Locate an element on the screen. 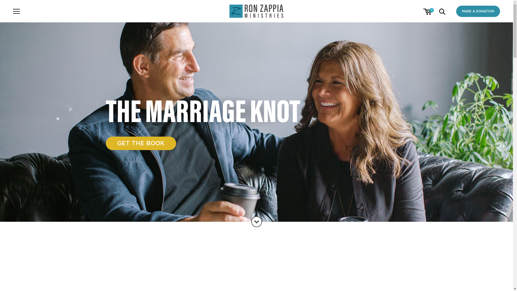 This screenshot has width=517, height=291. 'MAKE A DONATION' is located at coordinates (478, 11).